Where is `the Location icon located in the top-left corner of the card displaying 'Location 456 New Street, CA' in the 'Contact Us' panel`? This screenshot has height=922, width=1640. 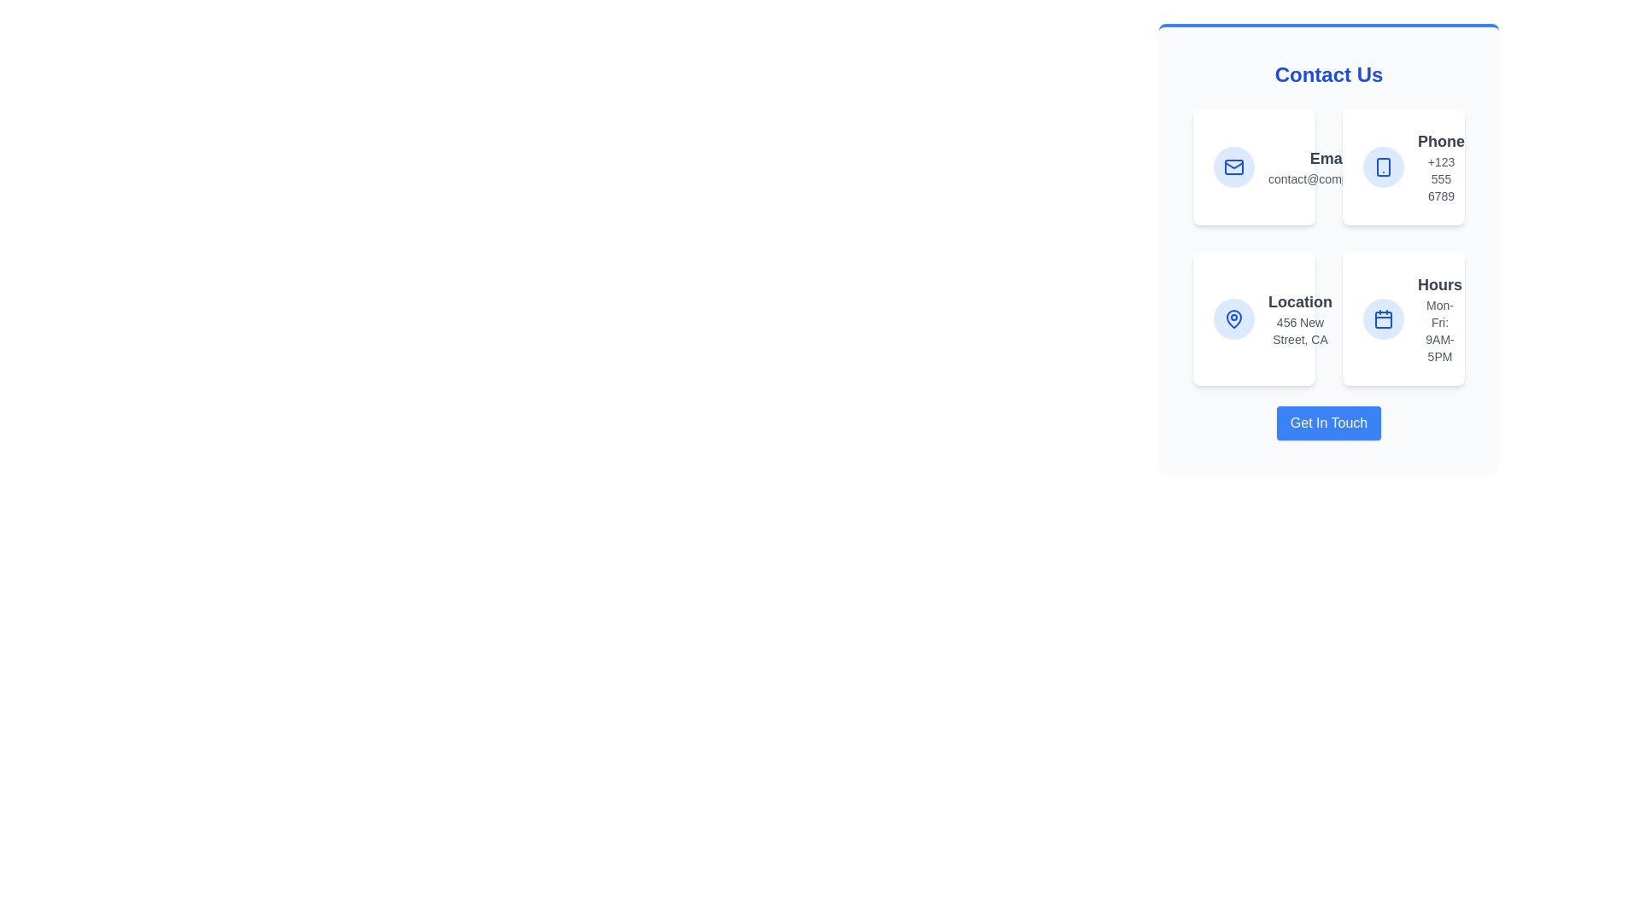
the Location icon located in the top-left corner of the card displaying 'Location 456 New Street, CA' in the 'Contact Us' panel is located at coordinates (1233, 319).